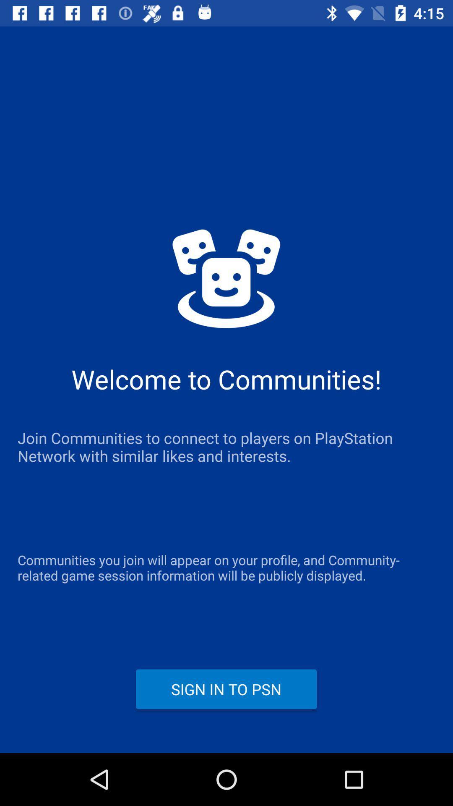 This screenshot has height=806, width=453. I want to click on the item below the communities you join icon, so click(226, 689).